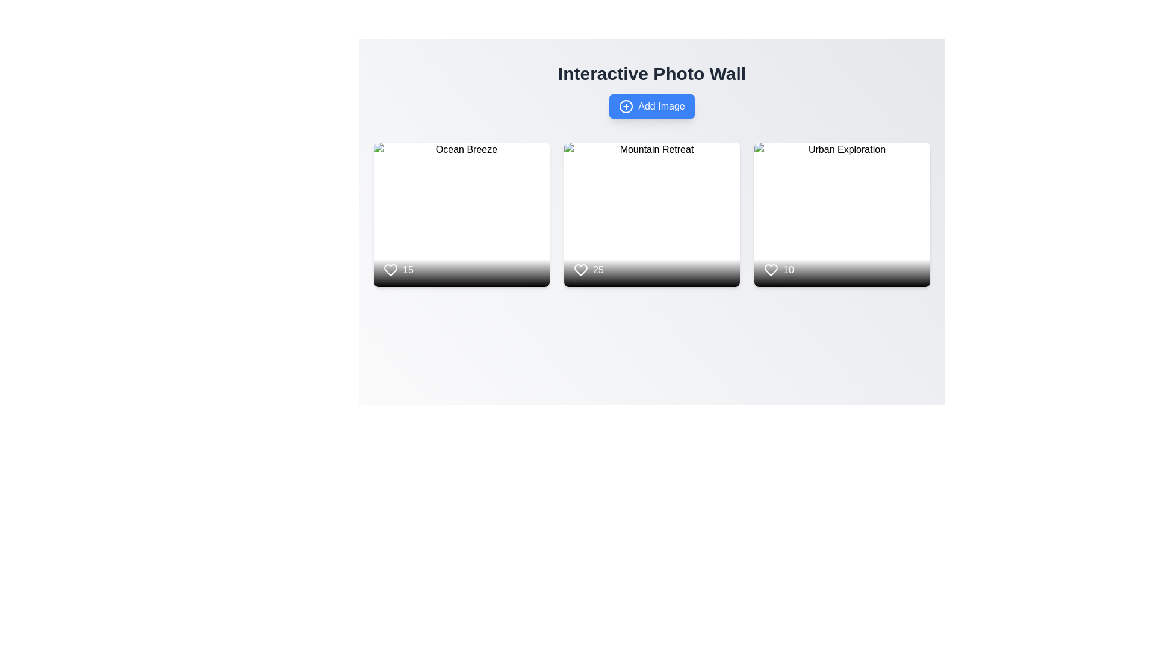  What do you see at coordinates (390, 269) in the screenshot?
I see `the heart-shaped SVG icon representing likes or favorites, located inside the leftmost card in the bottom row, beside the count of '15'` at bounding box center [390, 269].